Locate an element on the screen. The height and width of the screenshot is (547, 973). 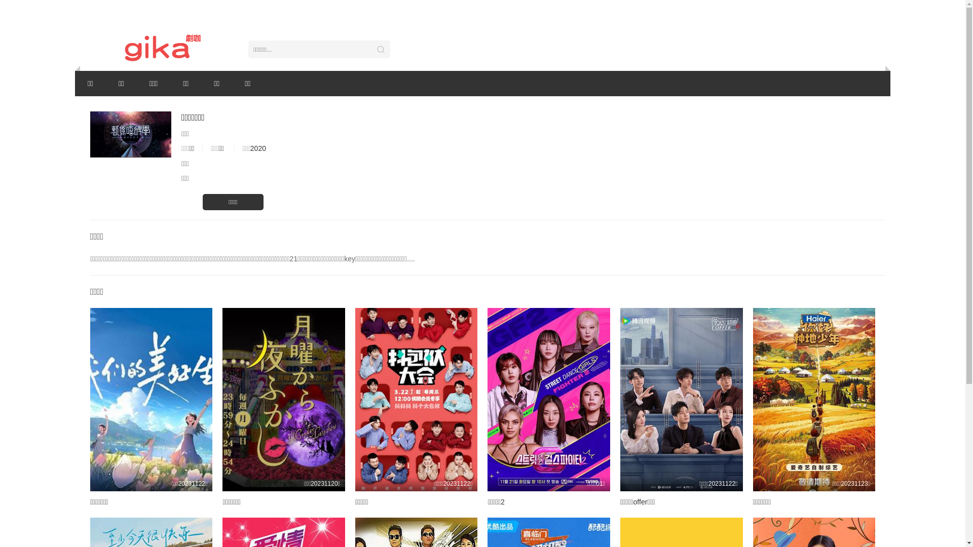
'2020' is located at coordinates (258, 148).